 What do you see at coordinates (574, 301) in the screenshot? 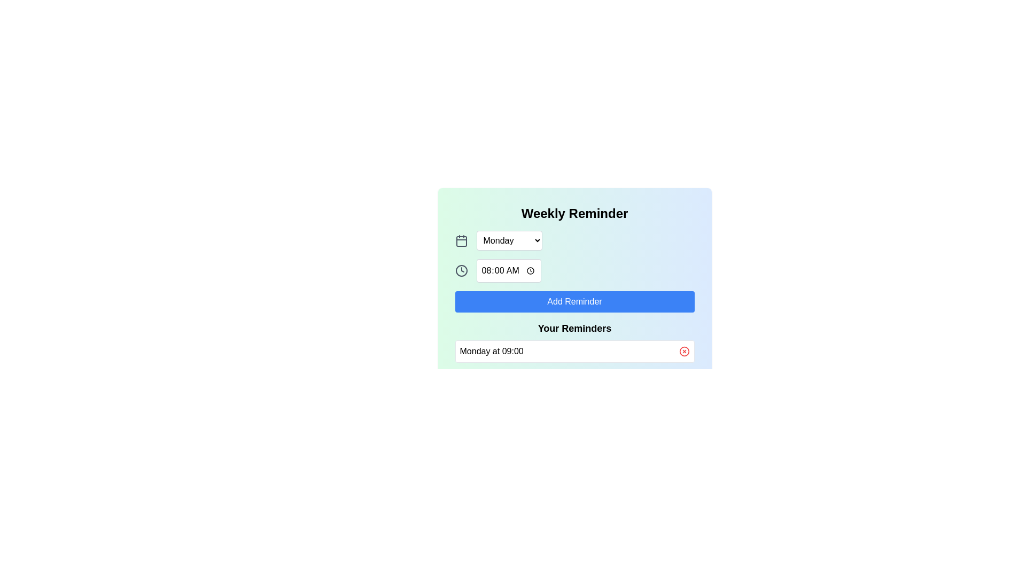
I see `the 'Add Reminder' button with a blue background and white text` at bounding box center [574, 301].